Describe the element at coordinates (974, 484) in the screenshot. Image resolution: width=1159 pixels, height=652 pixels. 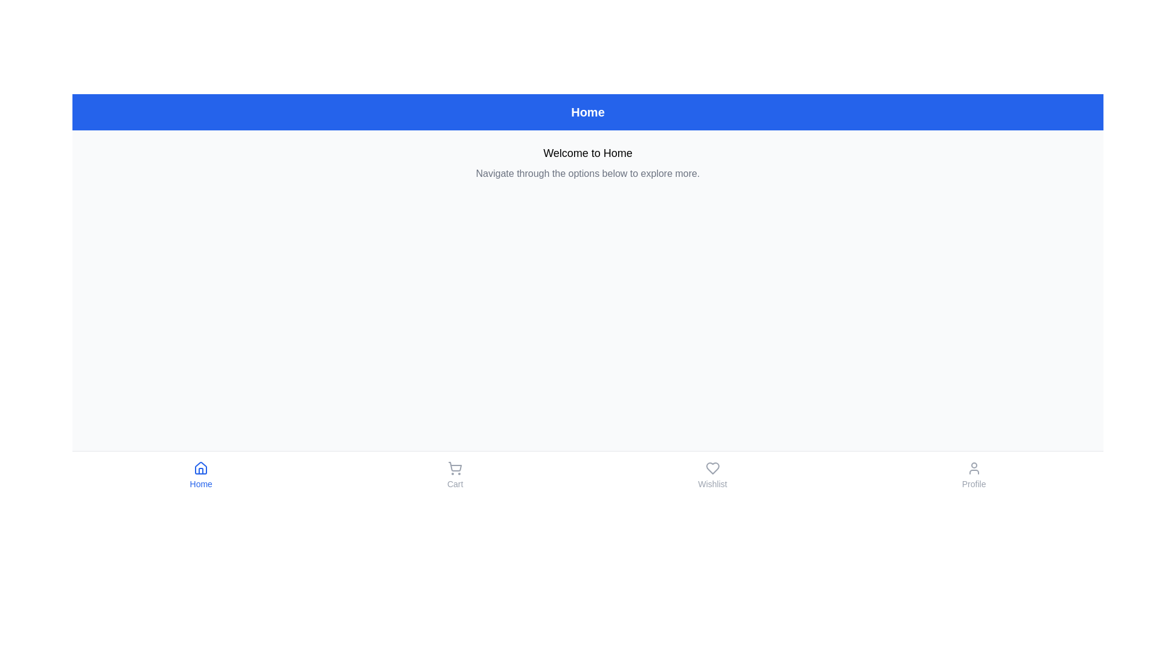
I see `the 'Profile' text label, which serves as a navigation aid for the adjacent user icon in the bottom navigation bar` at that location.